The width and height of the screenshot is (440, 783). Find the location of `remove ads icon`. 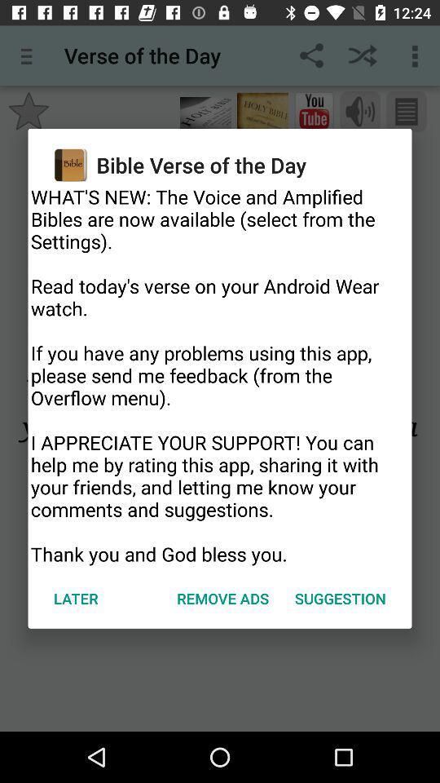

remove ads icon is located at coordinates (222, 597).